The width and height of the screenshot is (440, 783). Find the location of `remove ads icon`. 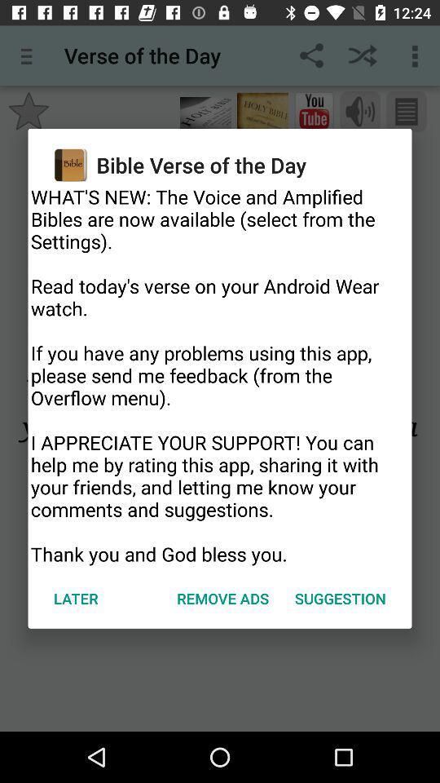

remove ads icon is located at coordinates (222, 597).